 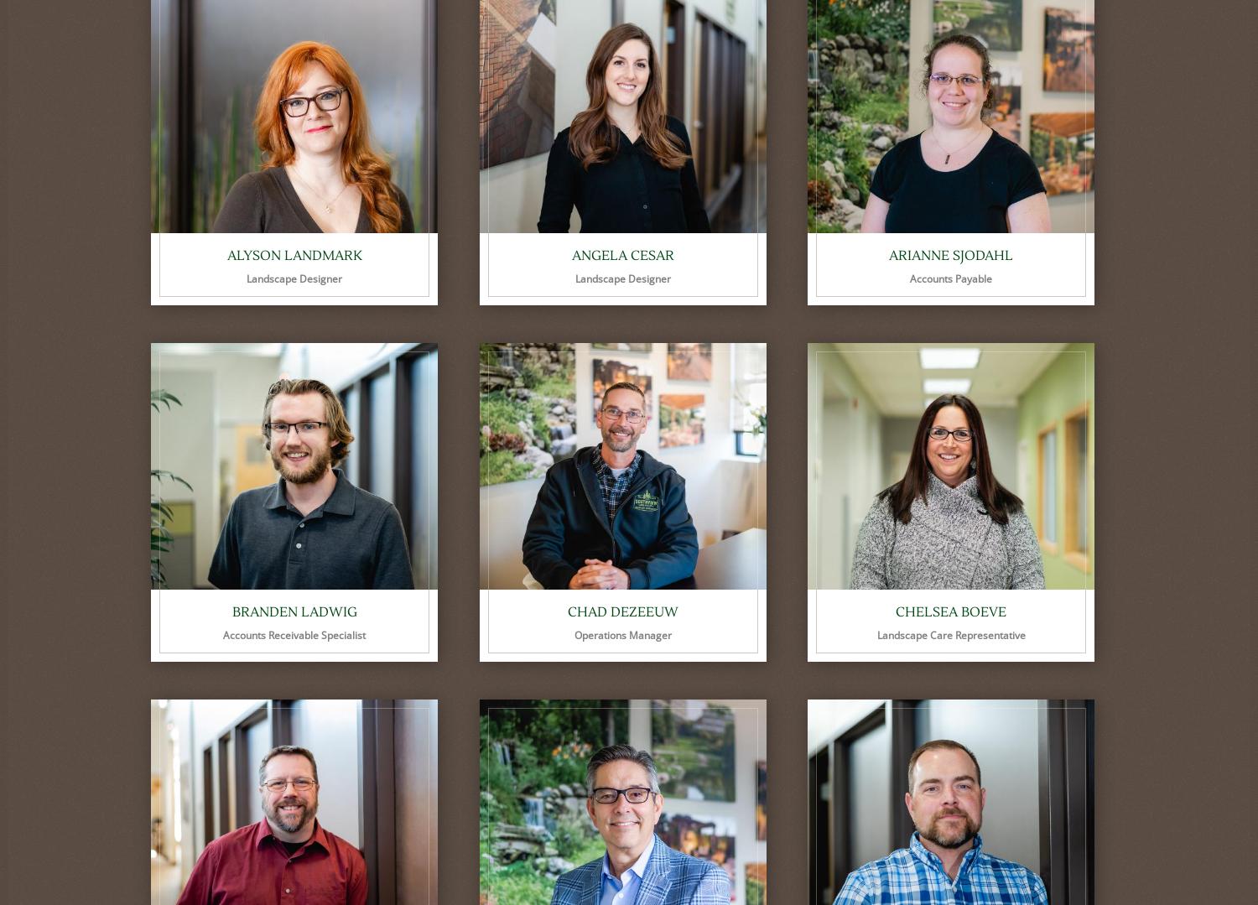 What do you see at coordinates (950, 635) in the screenshot?
I see `'Landscape Care Representative'` at bounding box center [950, 635].